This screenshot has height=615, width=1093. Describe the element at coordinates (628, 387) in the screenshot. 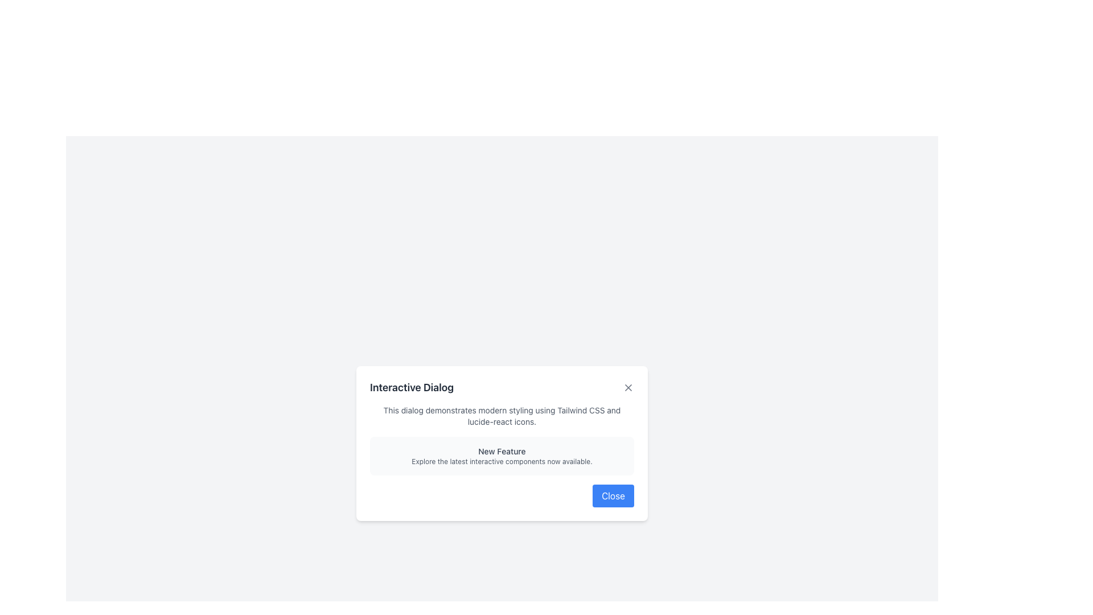

I see `the graphical vector element representing the 'X' part of the close button located at the top-right of the modal dialog box` at that location.